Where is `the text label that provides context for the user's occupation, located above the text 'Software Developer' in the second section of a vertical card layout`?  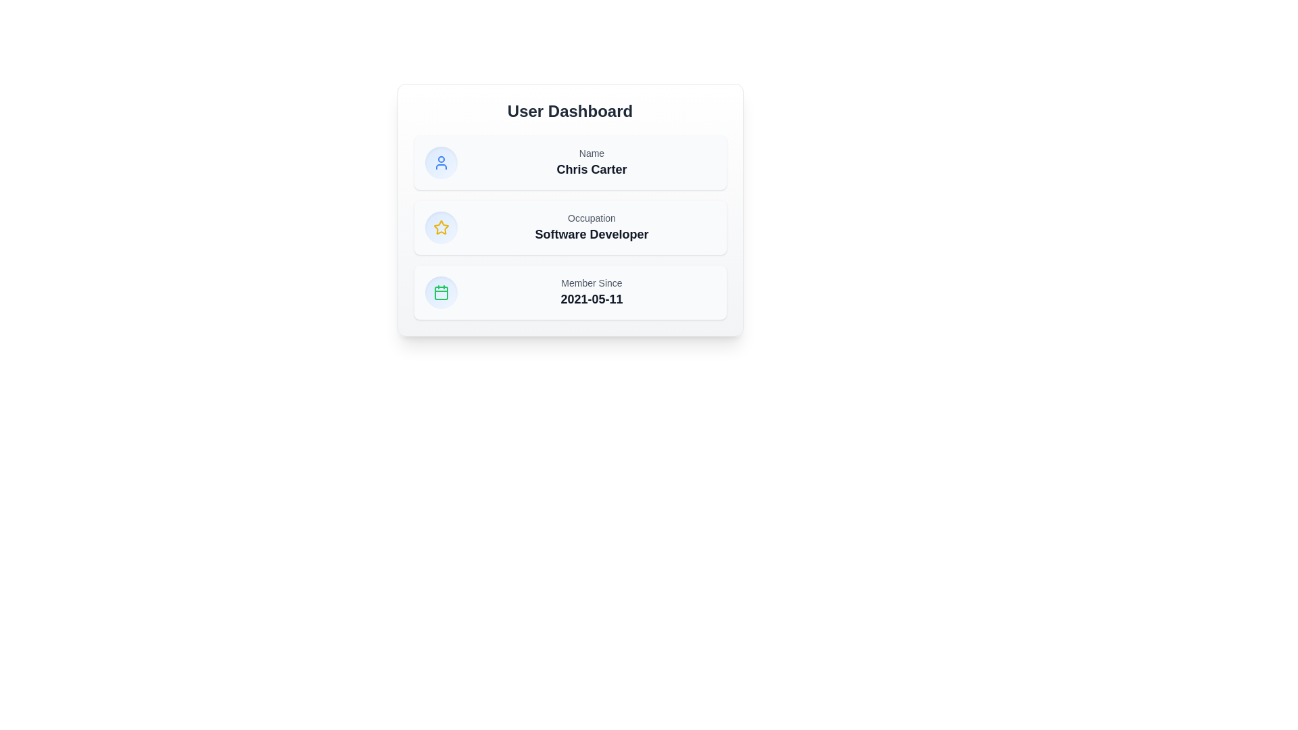
the text label that provides context for the user's occupation, located above the text 'Software Developer' in the second section of a vertical card layout is located at coordinates (592, 218).